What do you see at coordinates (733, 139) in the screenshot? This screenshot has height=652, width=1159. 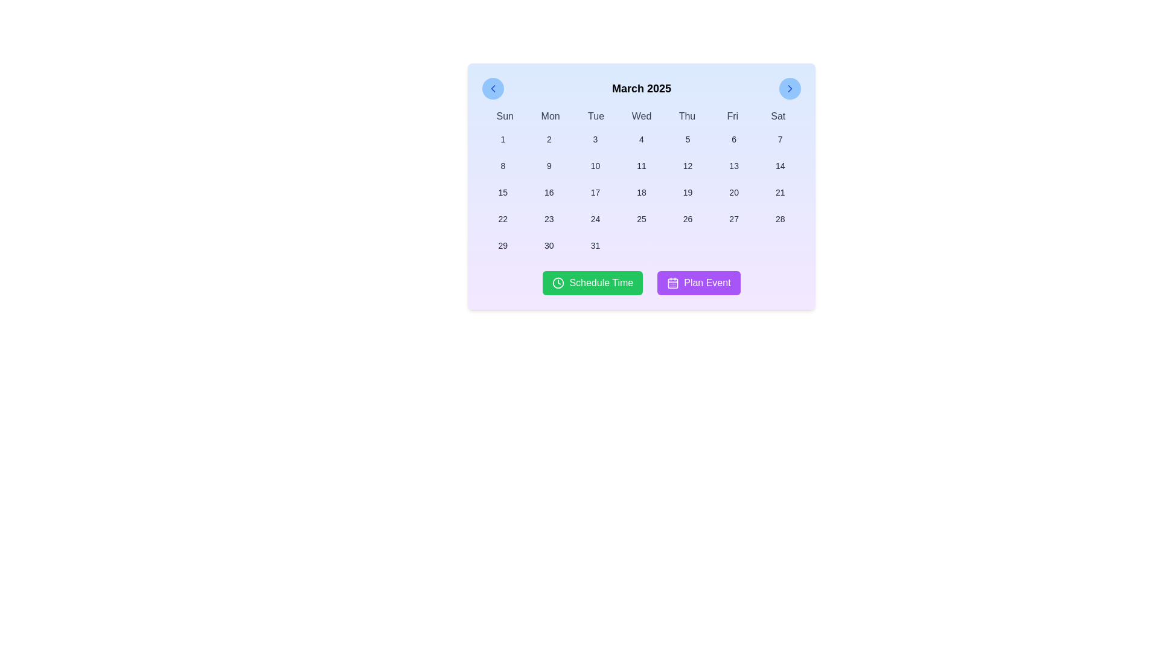 I see `the calendar day button representing the 6th of the month, located in the top row, Friday column` at bounding box center [733, 139].